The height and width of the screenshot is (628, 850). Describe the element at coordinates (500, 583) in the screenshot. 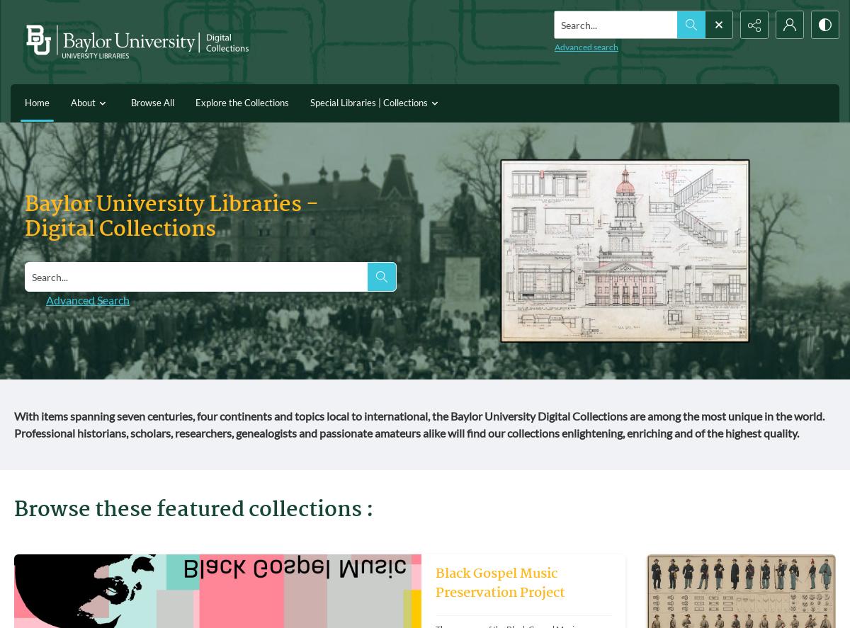

I see `'Black Gospel Music Preservation Project'` at that location.